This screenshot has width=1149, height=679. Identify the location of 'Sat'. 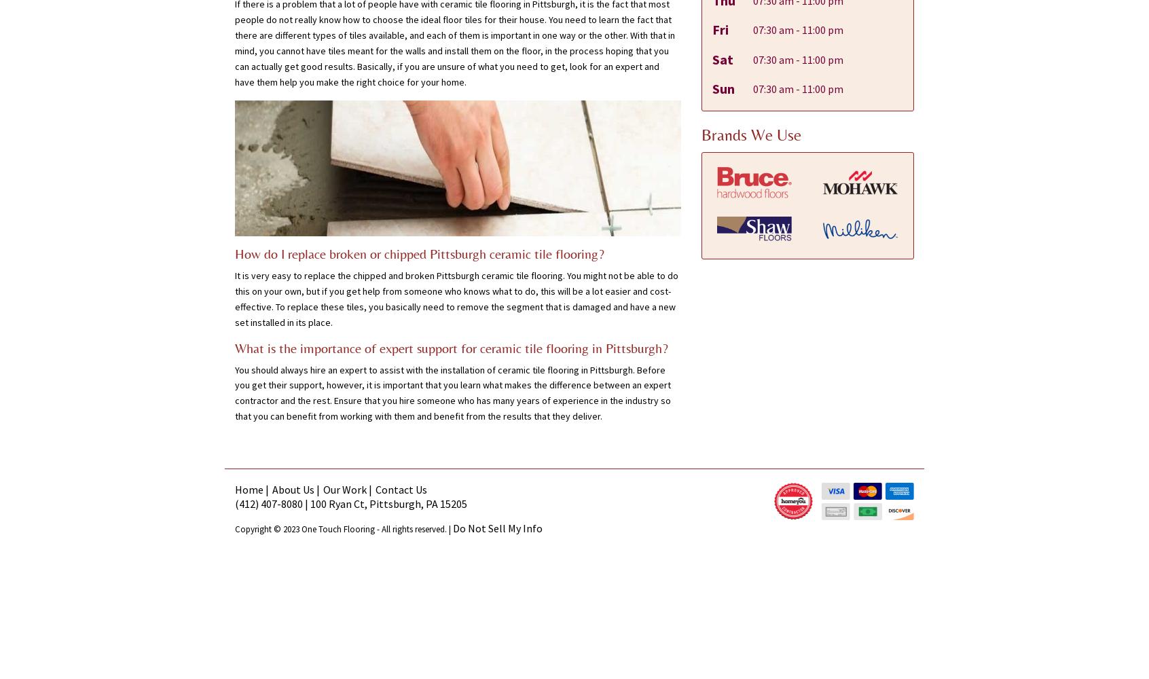
(722, 58).